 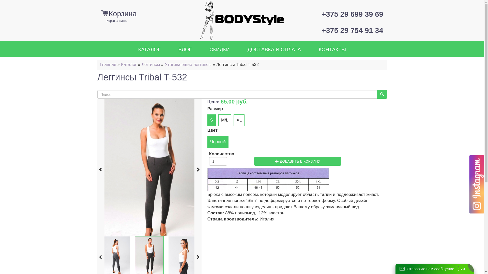 I want to click on 'liekninancios-timpos-kelnes-tribal-2-1000x1194.jpg', so click(x=155, y=167).